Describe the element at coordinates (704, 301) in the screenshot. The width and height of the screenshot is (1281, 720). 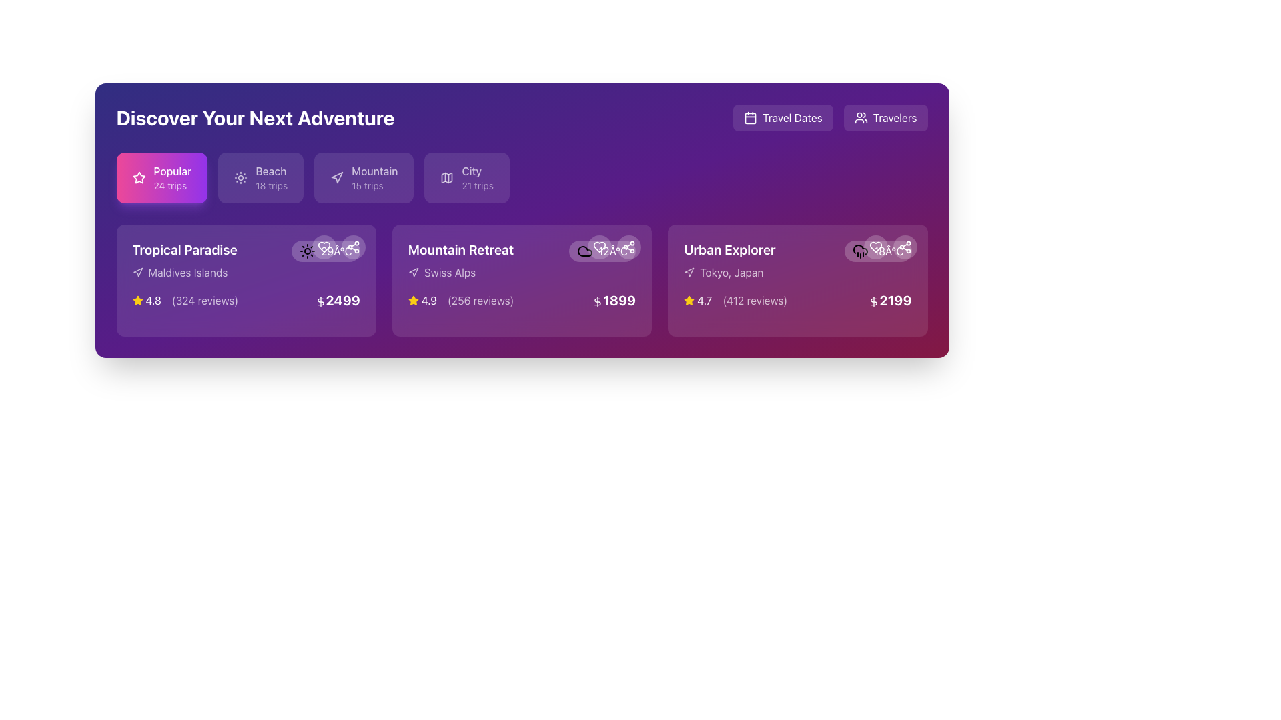
I see `the static text label displaying the average rating for the 'Urban Explorer' trip package, located under the subtitle 'Tokyo, Japan' within the card in the third column of the trip cards section` at that location.